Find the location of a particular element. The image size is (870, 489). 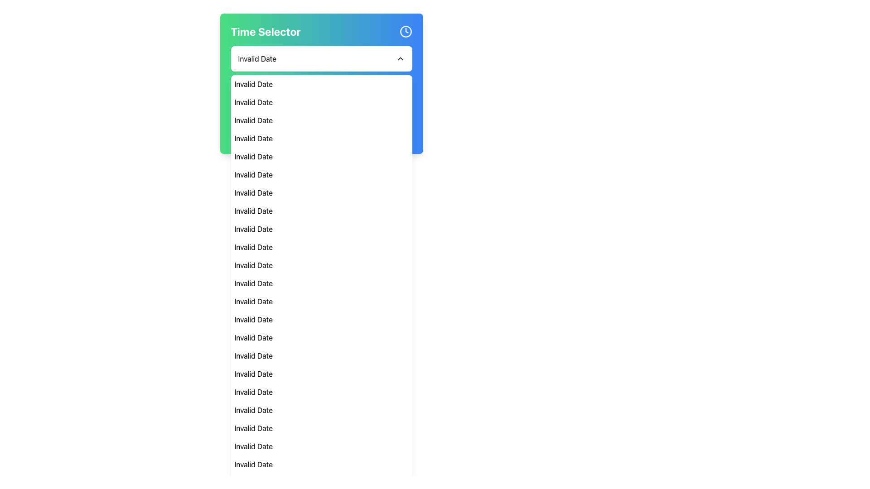

the selectable list item displaying 'Invalid Date' in the dropdown menu is located at coordinates (321, 174).